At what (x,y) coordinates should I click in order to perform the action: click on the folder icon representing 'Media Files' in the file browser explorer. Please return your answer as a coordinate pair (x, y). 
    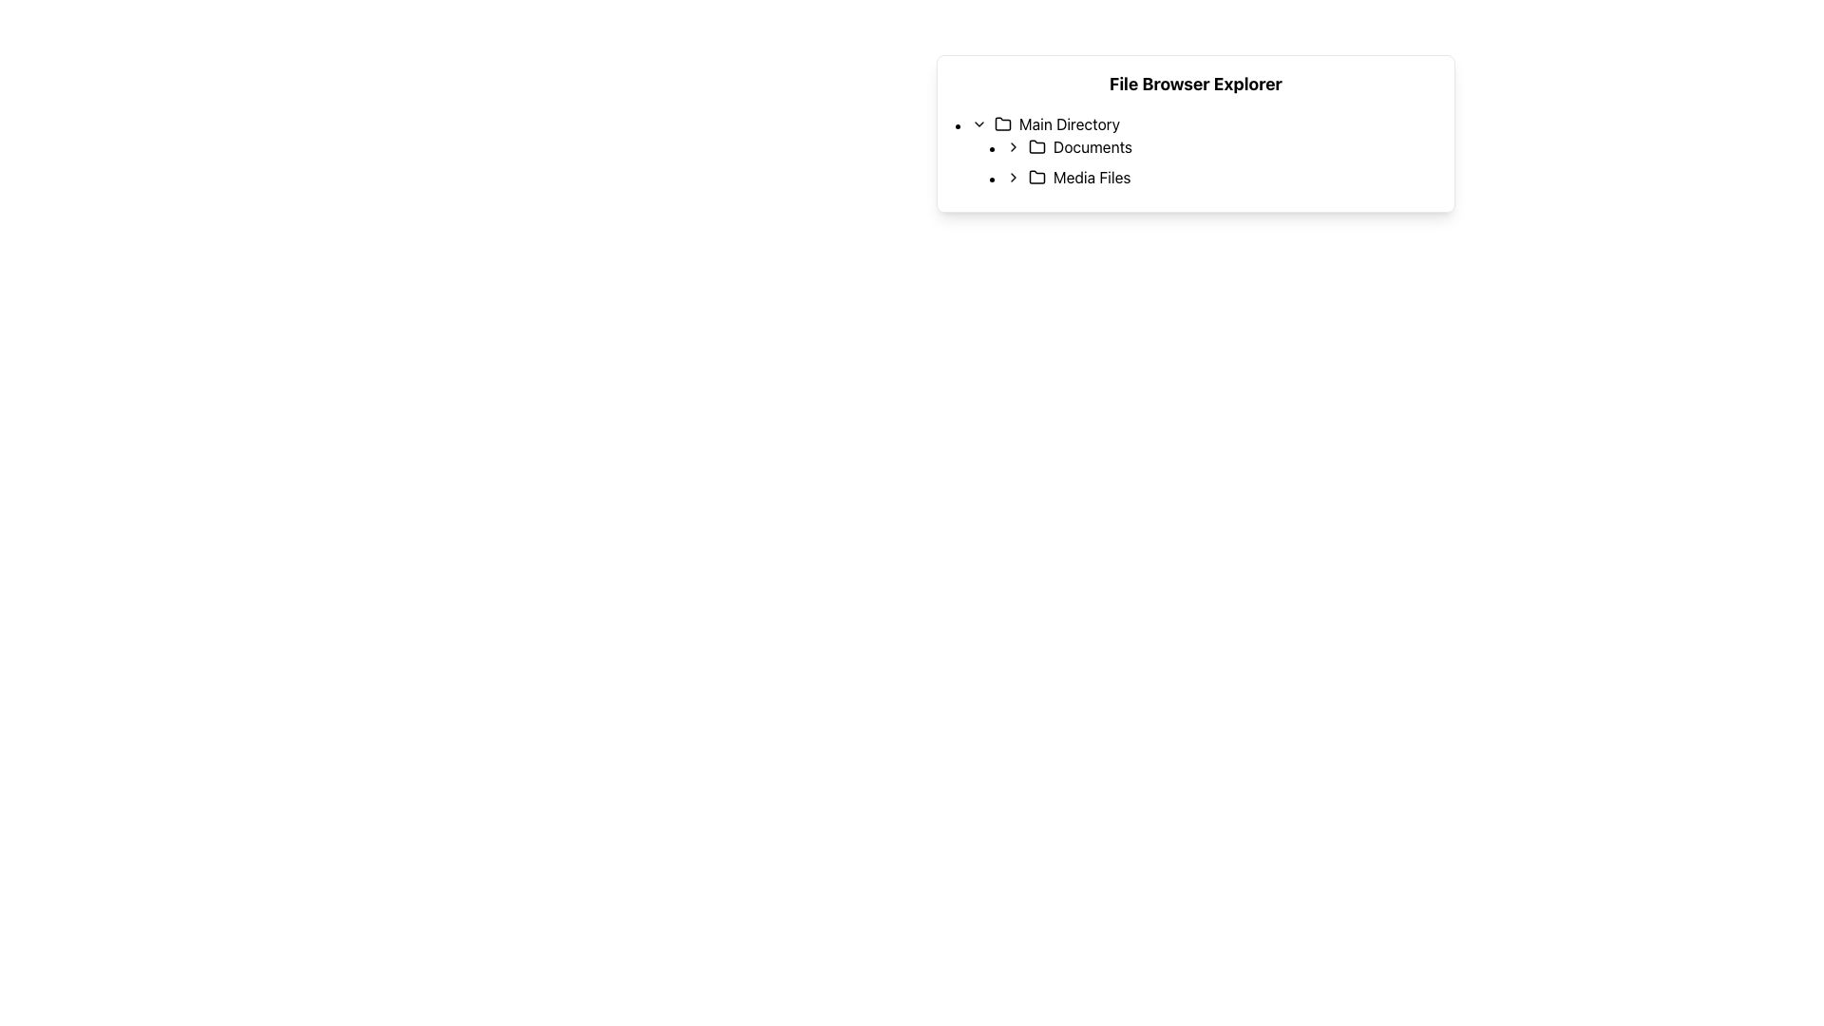
    Looking at the image, I should click on (1035, 176).